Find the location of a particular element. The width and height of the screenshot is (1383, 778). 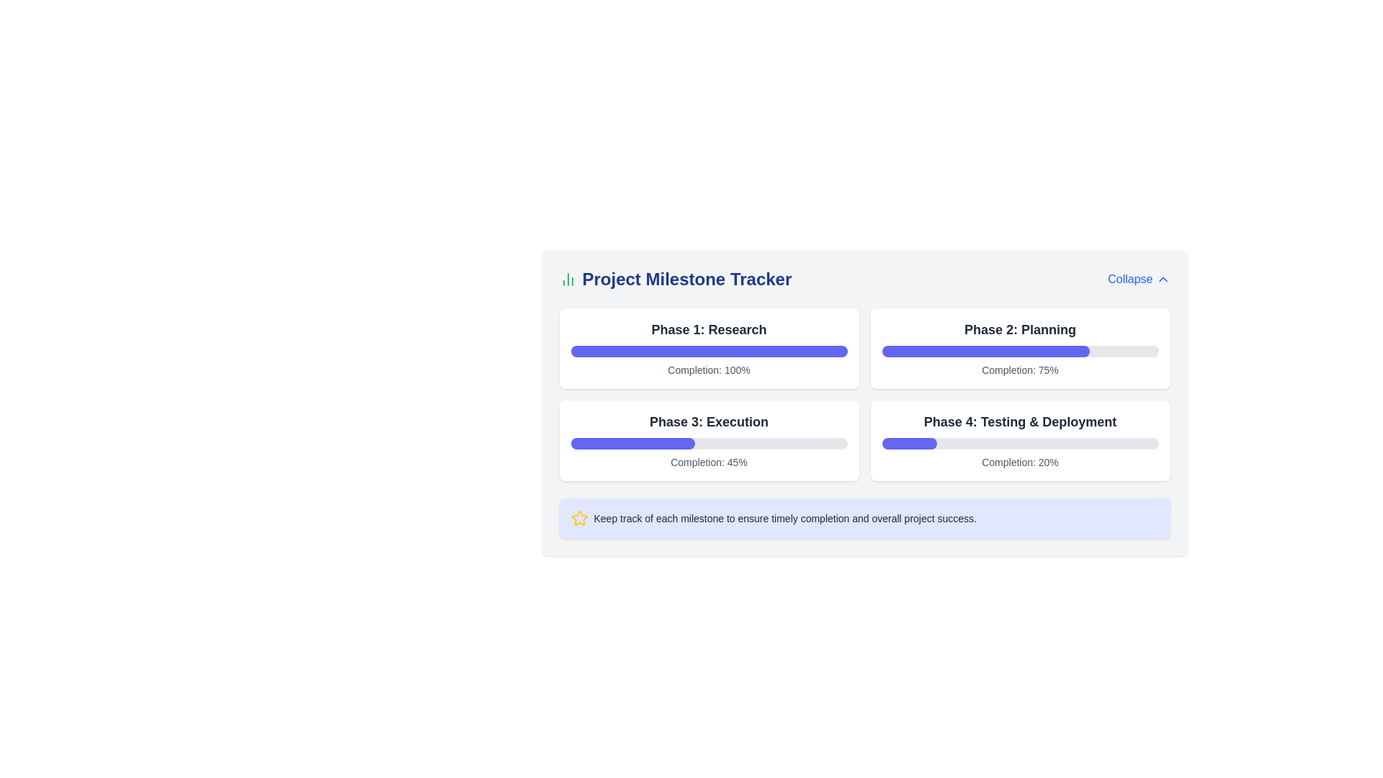

the green bar chart icon located to the left of the 'Project Milestone Tracker' text in the header section if it has an interactive action associated with it is located at coordinates (567, 280).